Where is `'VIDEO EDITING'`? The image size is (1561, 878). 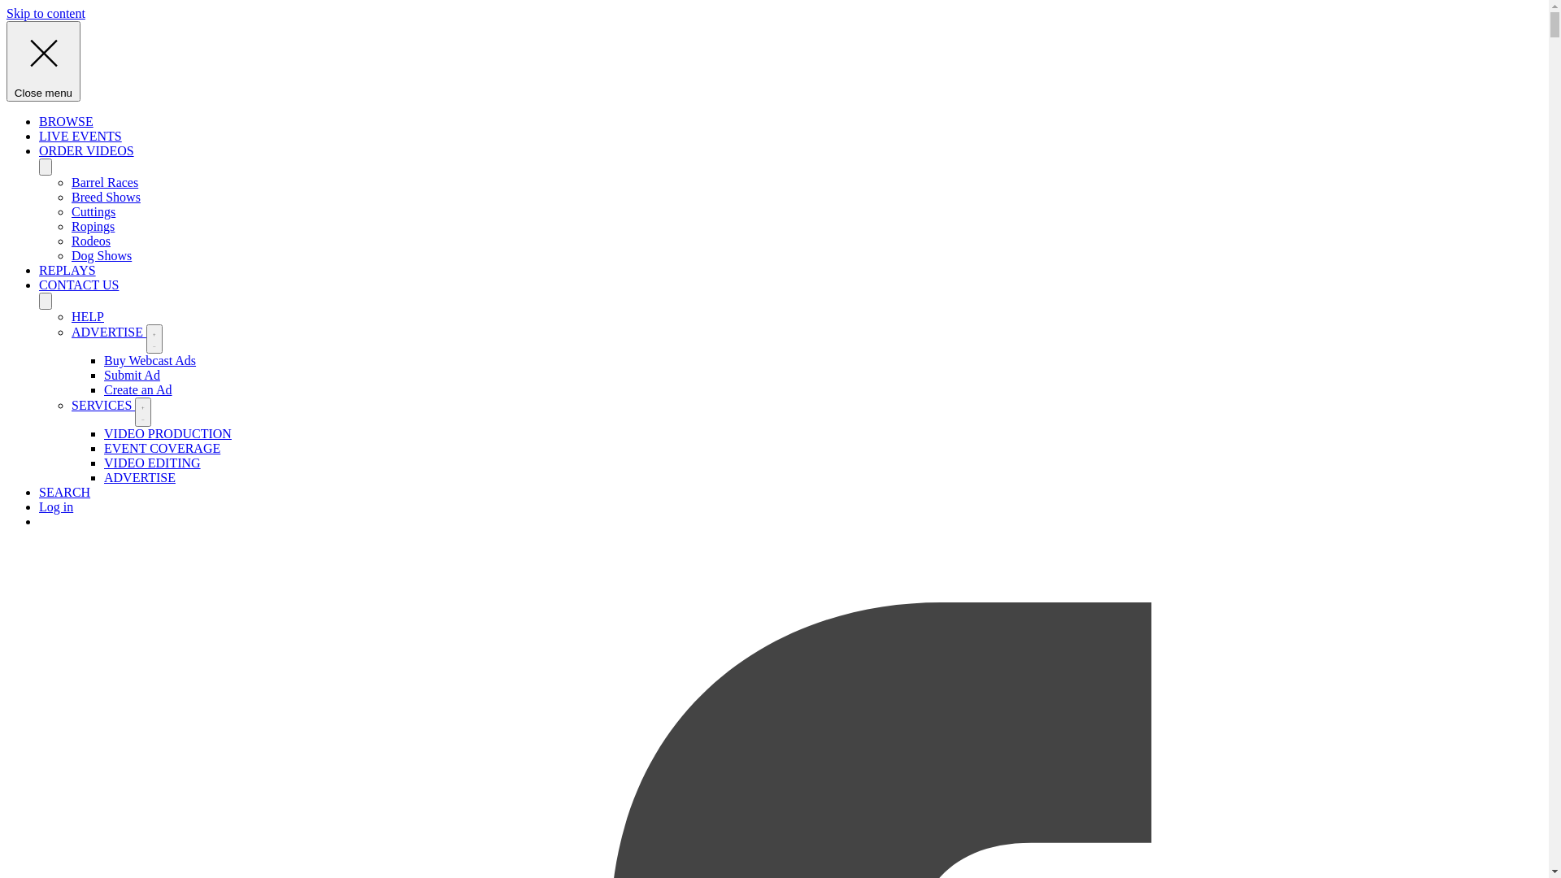 'VIDEO EDITING' is located at coordinates (103, 463).